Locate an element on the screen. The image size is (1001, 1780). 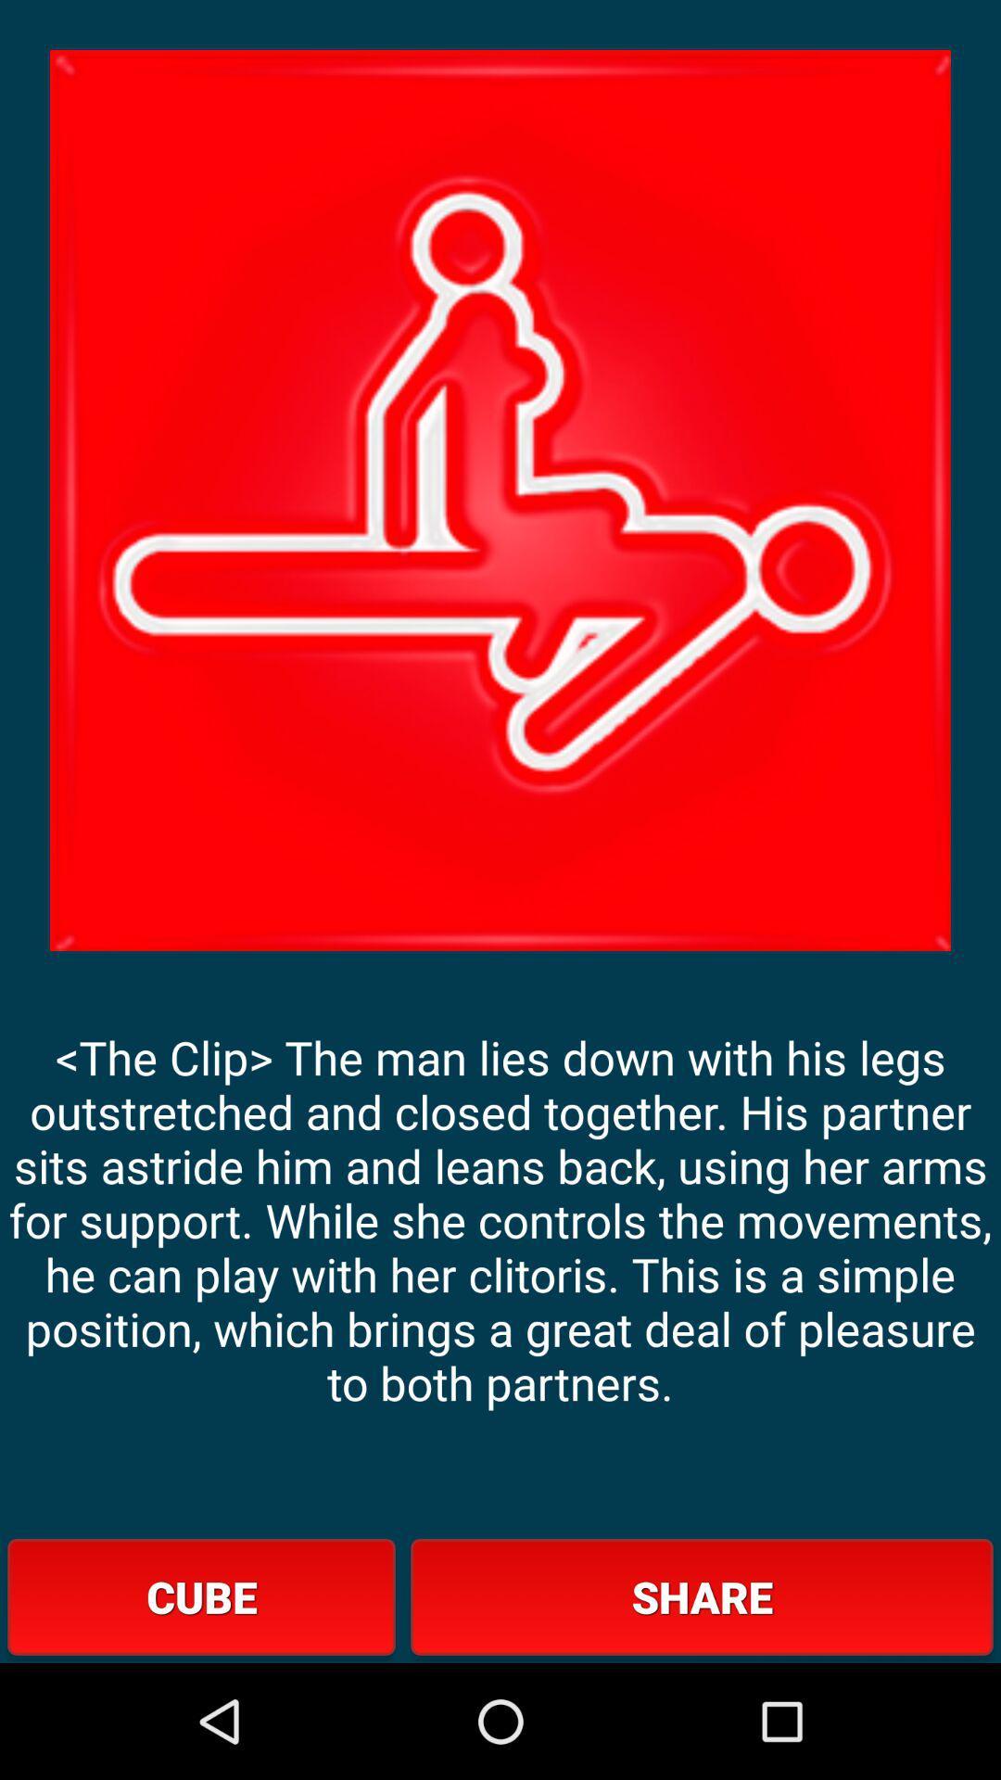
button to the right of the cube item is located at coordinates (702, 1596).